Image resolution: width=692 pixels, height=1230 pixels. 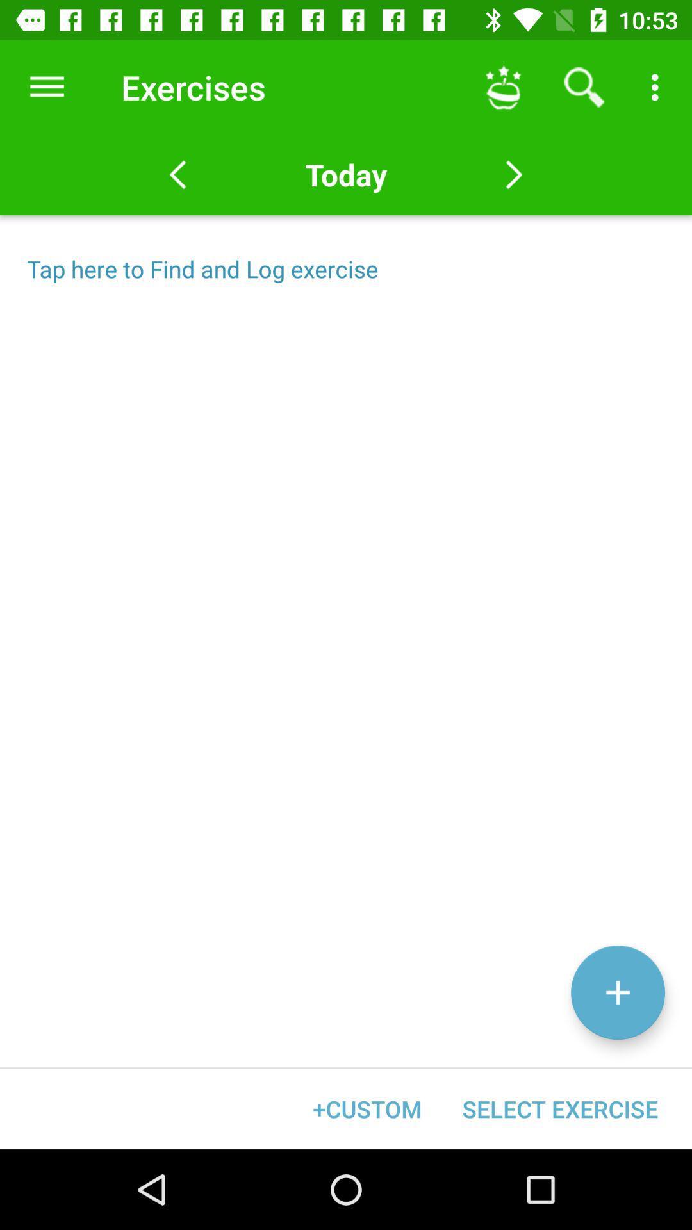 I want to click on next day, so click(x=513, y=174).